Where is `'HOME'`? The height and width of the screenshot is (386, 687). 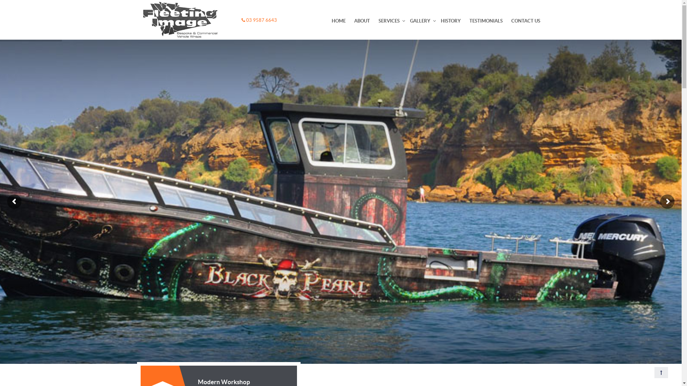 'HOME' is located at coordinates (338, 20).